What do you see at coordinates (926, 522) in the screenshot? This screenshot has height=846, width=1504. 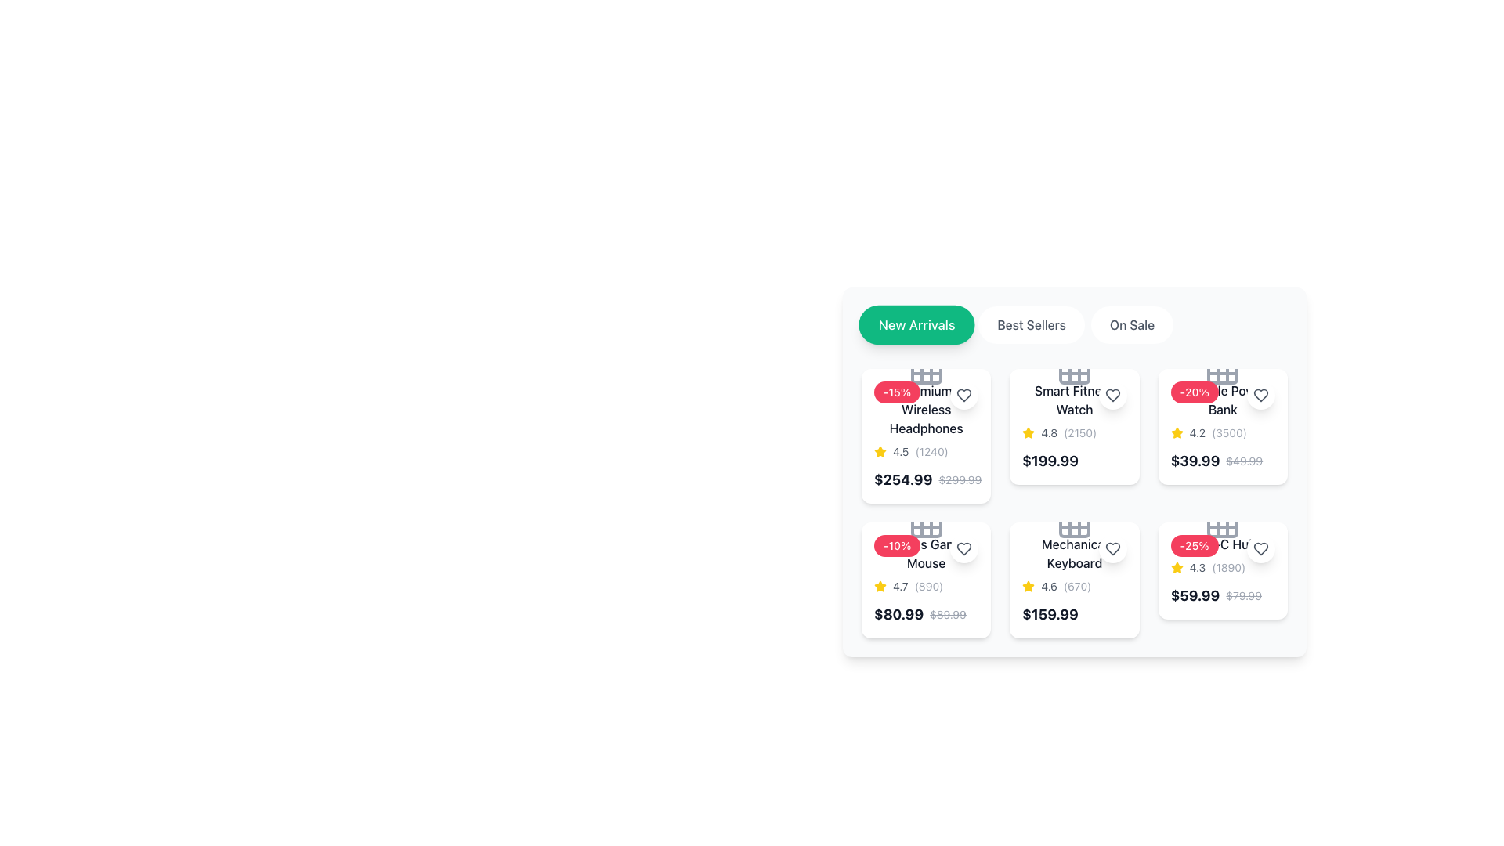 I see `the grid-like gray icon located above the 'Gaming Mouse' product name` at bounding box center [926, 522].